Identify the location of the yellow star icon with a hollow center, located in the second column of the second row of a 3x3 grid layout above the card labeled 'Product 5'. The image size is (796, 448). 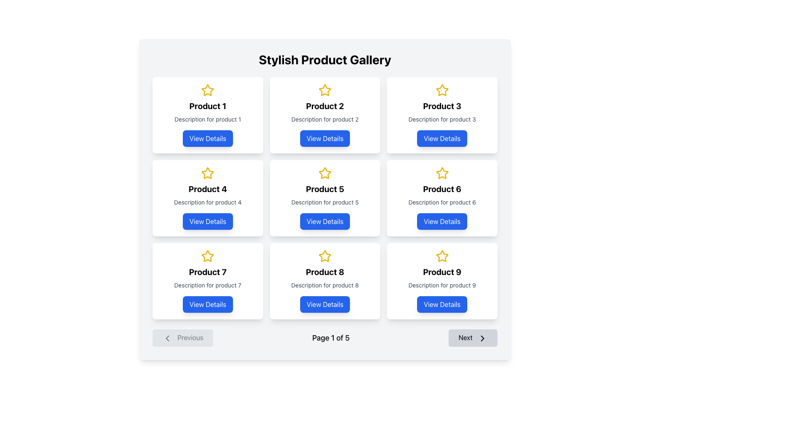
(324, 173).